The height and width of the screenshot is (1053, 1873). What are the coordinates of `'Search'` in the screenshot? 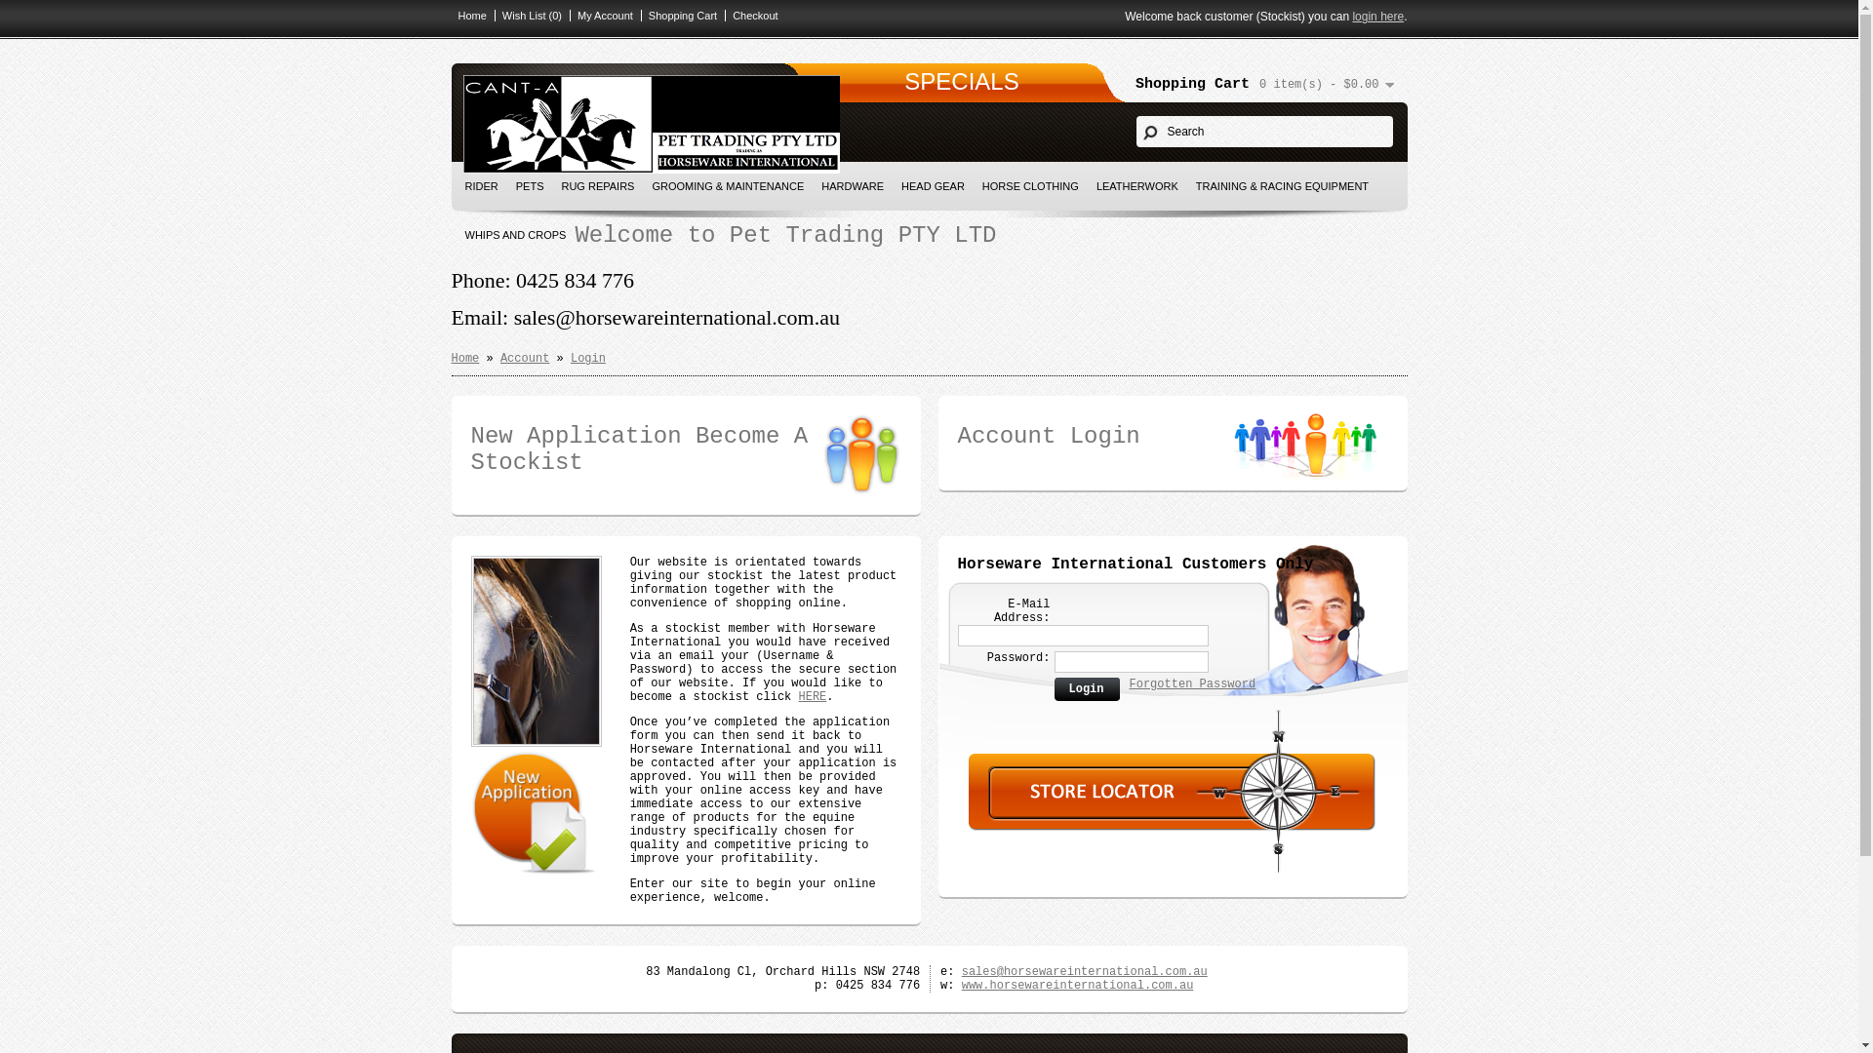 It's located at (1263, 132).